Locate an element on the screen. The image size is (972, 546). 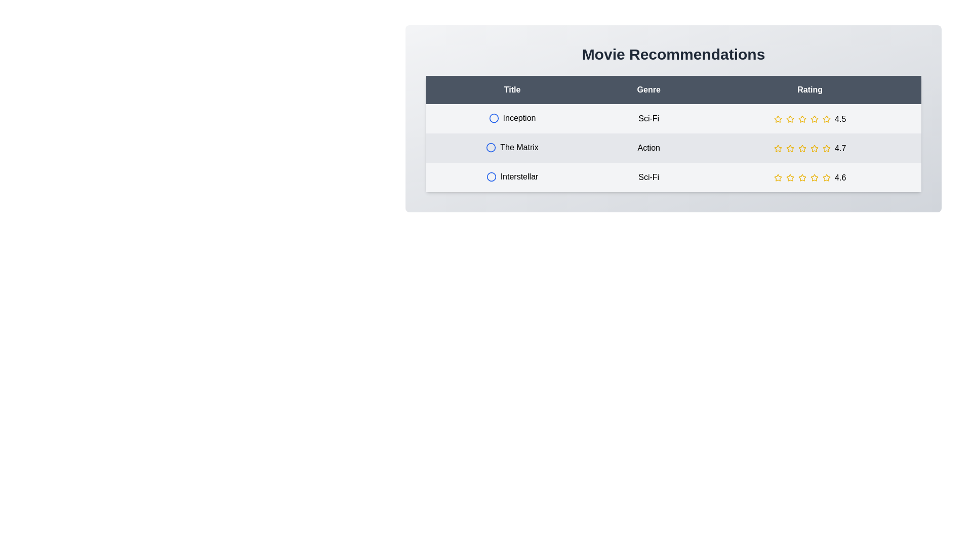
the circle icon next to the movie title Inception is located at coordinates (494, 118).